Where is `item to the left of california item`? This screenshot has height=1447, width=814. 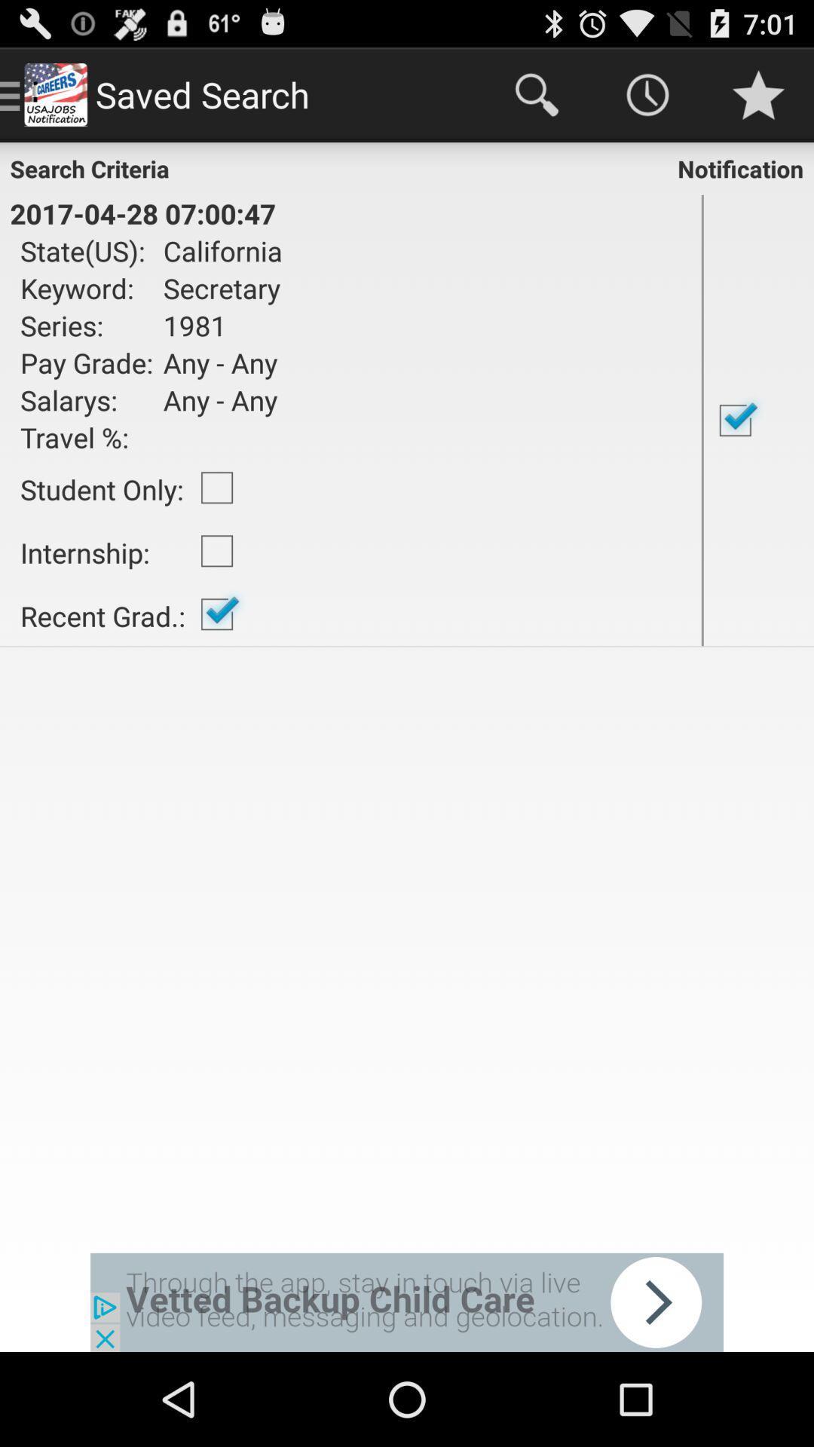 item to the left of california item is located at coordinates (87, 288).